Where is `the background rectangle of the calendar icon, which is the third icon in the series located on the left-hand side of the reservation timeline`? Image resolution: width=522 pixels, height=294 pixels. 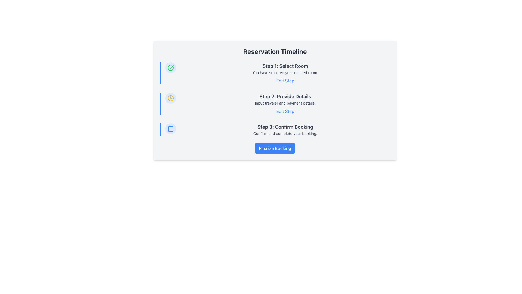 the background rectangle of the calendar icon, which is the third icon in the series located on the left-hand side of the reservation timeline is located at coordinates (170, 129).